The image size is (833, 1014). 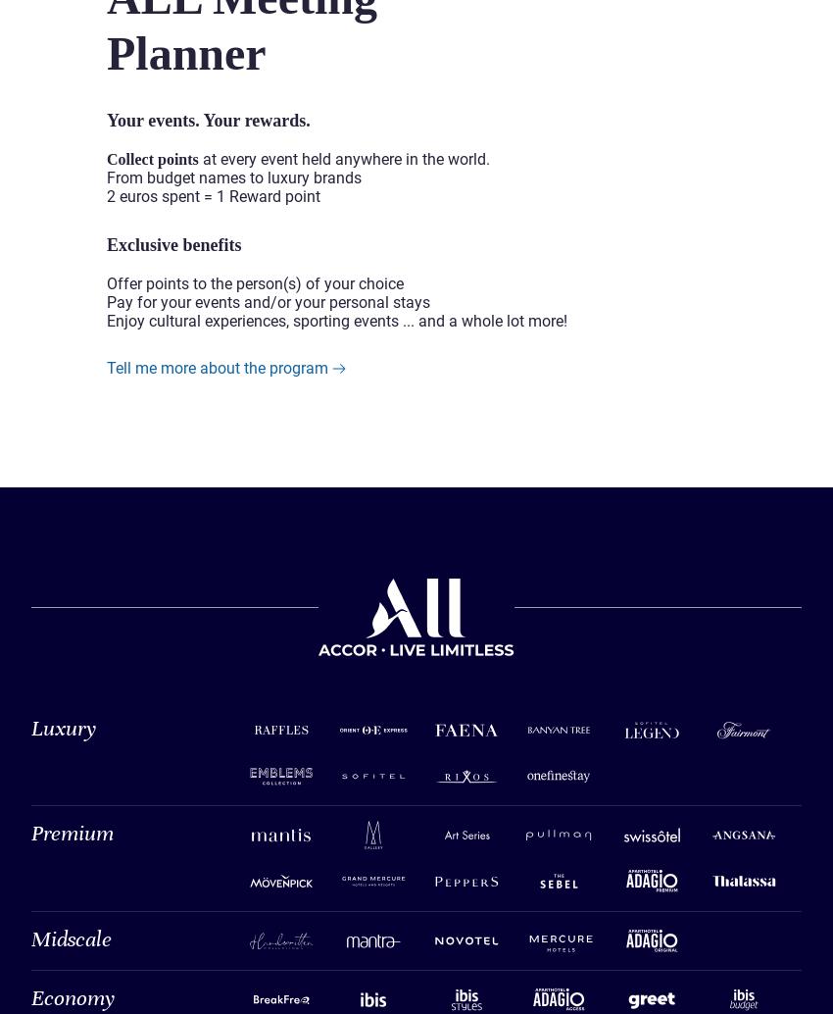 I want to click on 'Enjoy cultural experiences, sporting events ... and a whole lot more!', so click(x=105, y=319).